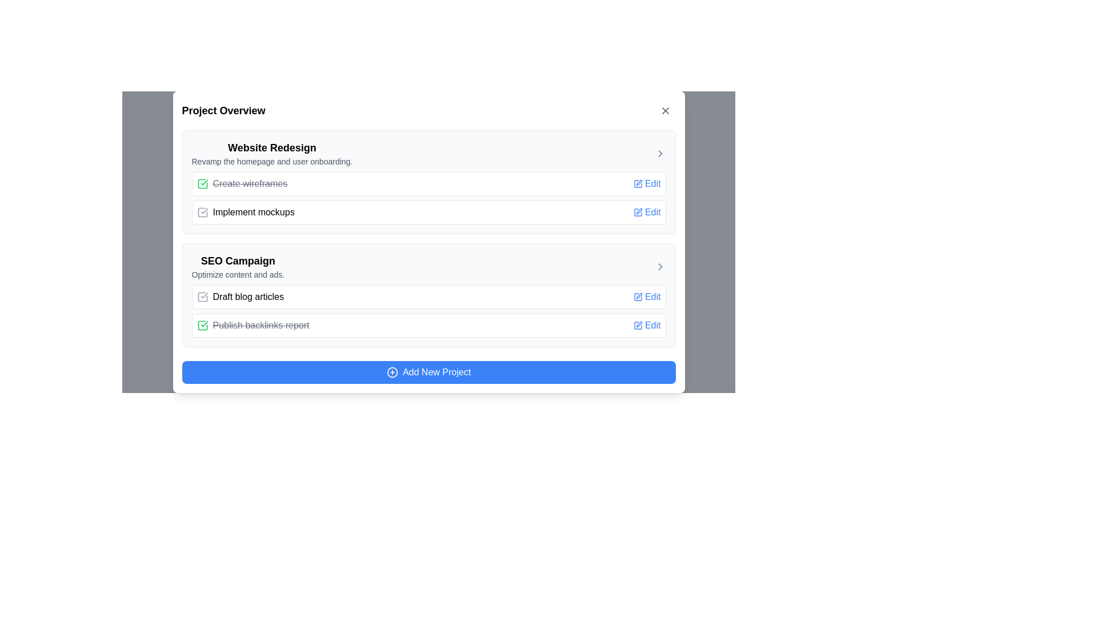  I want to click on the crossed-out text 'Create wireframes', so click(241, 183).